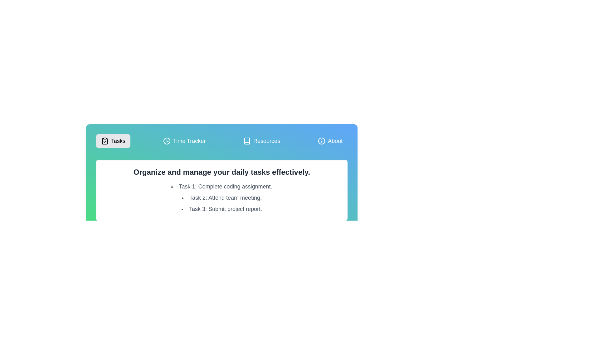 This screenshot has height=337, width=599. I want to click on the tab labeled Resources, so click(262, 141).